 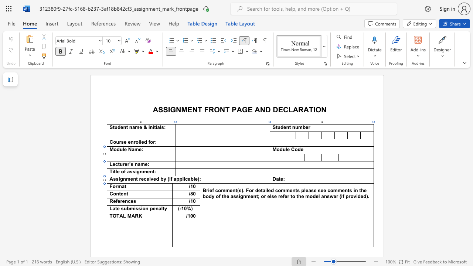 I want to click on the 14th character "e" in the text, so click(x=268, y=196).